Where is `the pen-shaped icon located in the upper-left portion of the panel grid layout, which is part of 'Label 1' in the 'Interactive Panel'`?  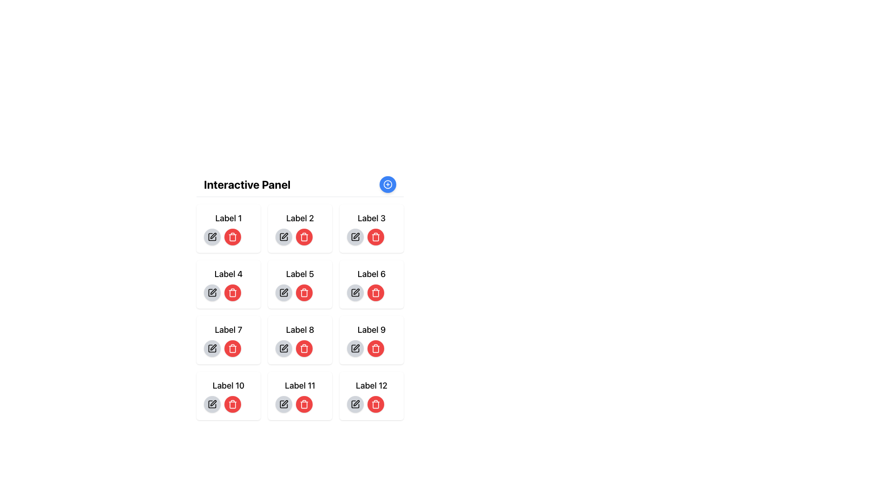 the pen-shaped icon located in the upper-left portion of the panel grid layout, which is part of 'Label 1' in the 'Interactive Panel' is located at coordinates (213, 235).